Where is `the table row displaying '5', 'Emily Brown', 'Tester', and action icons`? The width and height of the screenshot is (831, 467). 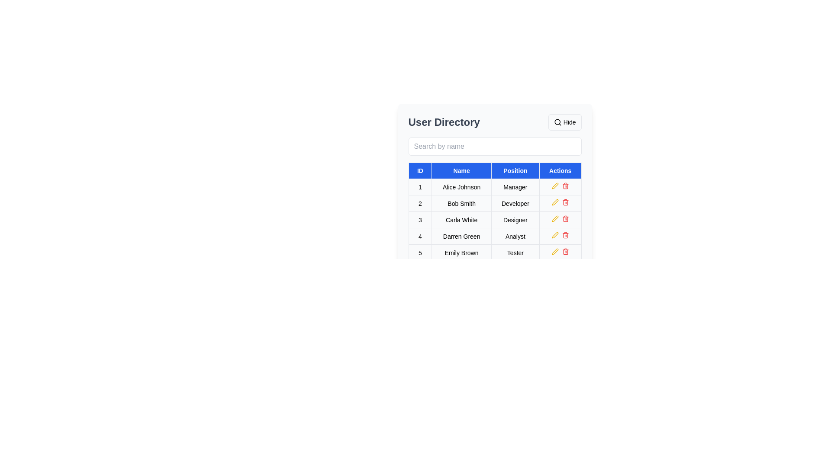 the table row displaying '5', 'Emily Brown', 'Tester', and action icons is located at coordinates (495, 253).